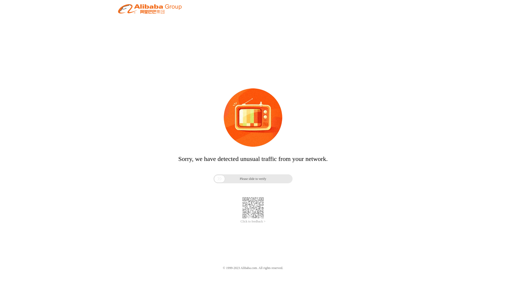 The height and width of the screenshot is (284, 506). I want to click on 'Click to feedback >', so click(253, 221).